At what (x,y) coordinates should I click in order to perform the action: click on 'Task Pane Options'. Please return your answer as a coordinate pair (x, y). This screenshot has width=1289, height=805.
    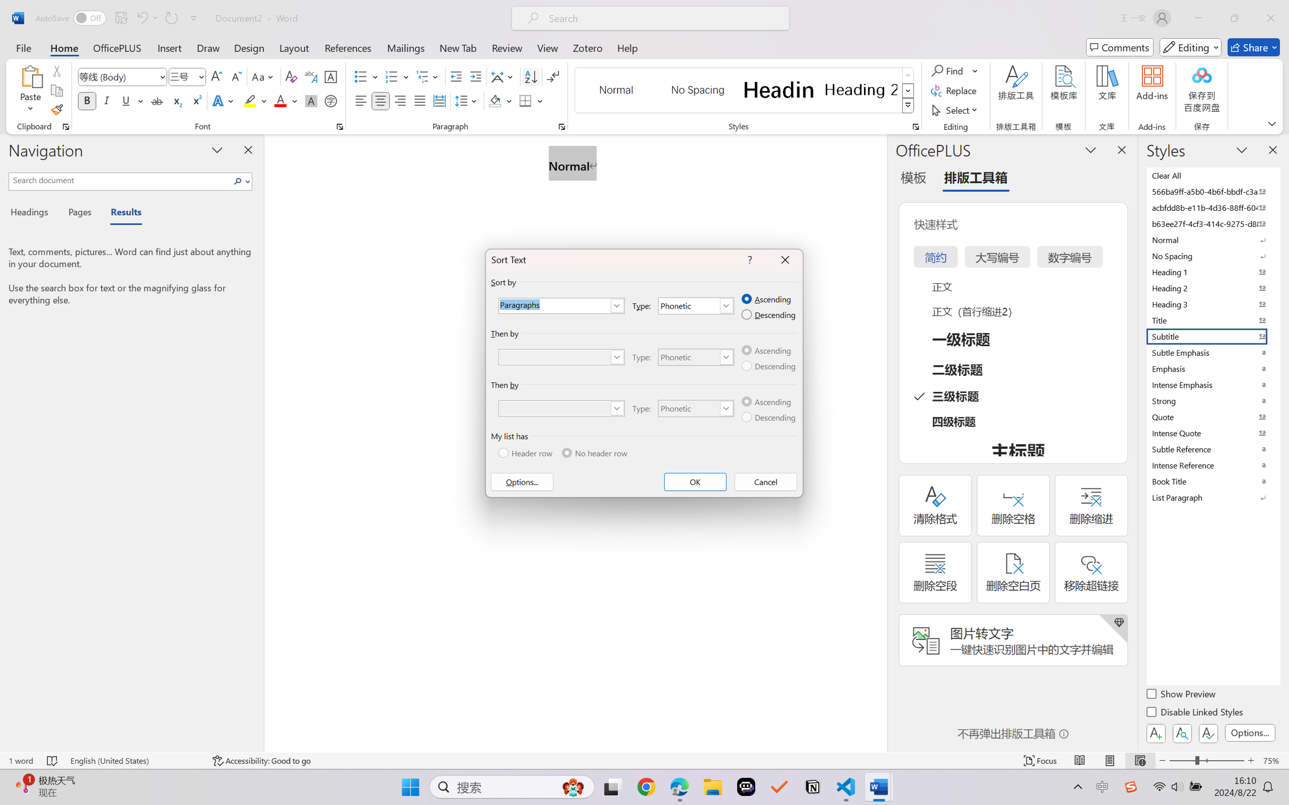
    Looking at the image, I should click on (1091, 150).